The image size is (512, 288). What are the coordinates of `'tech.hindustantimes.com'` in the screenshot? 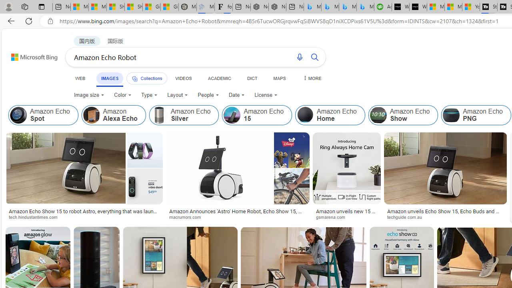 It's located at (35, 217).